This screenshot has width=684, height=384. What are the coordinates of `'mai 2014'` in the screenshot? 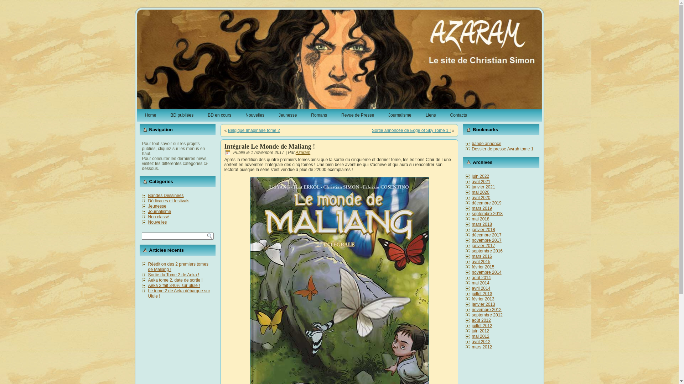 It's located at (480, 282).